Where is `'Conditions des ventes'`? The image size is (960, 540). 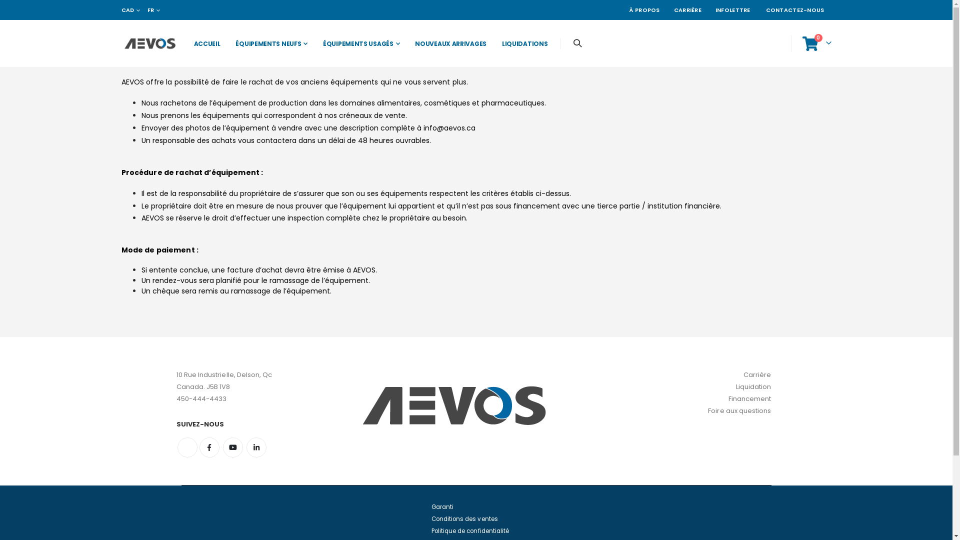
'Conditions des ventes' is located at coordinates (463, 518).